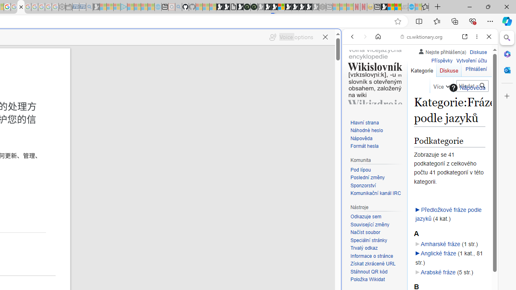 The height and width of the screenshot is (290, 516). What do you see at coordinates (406, 91) in the screenshot?
I see `'Search Filter, VIDEOS'` at bounding box center [406, 91].